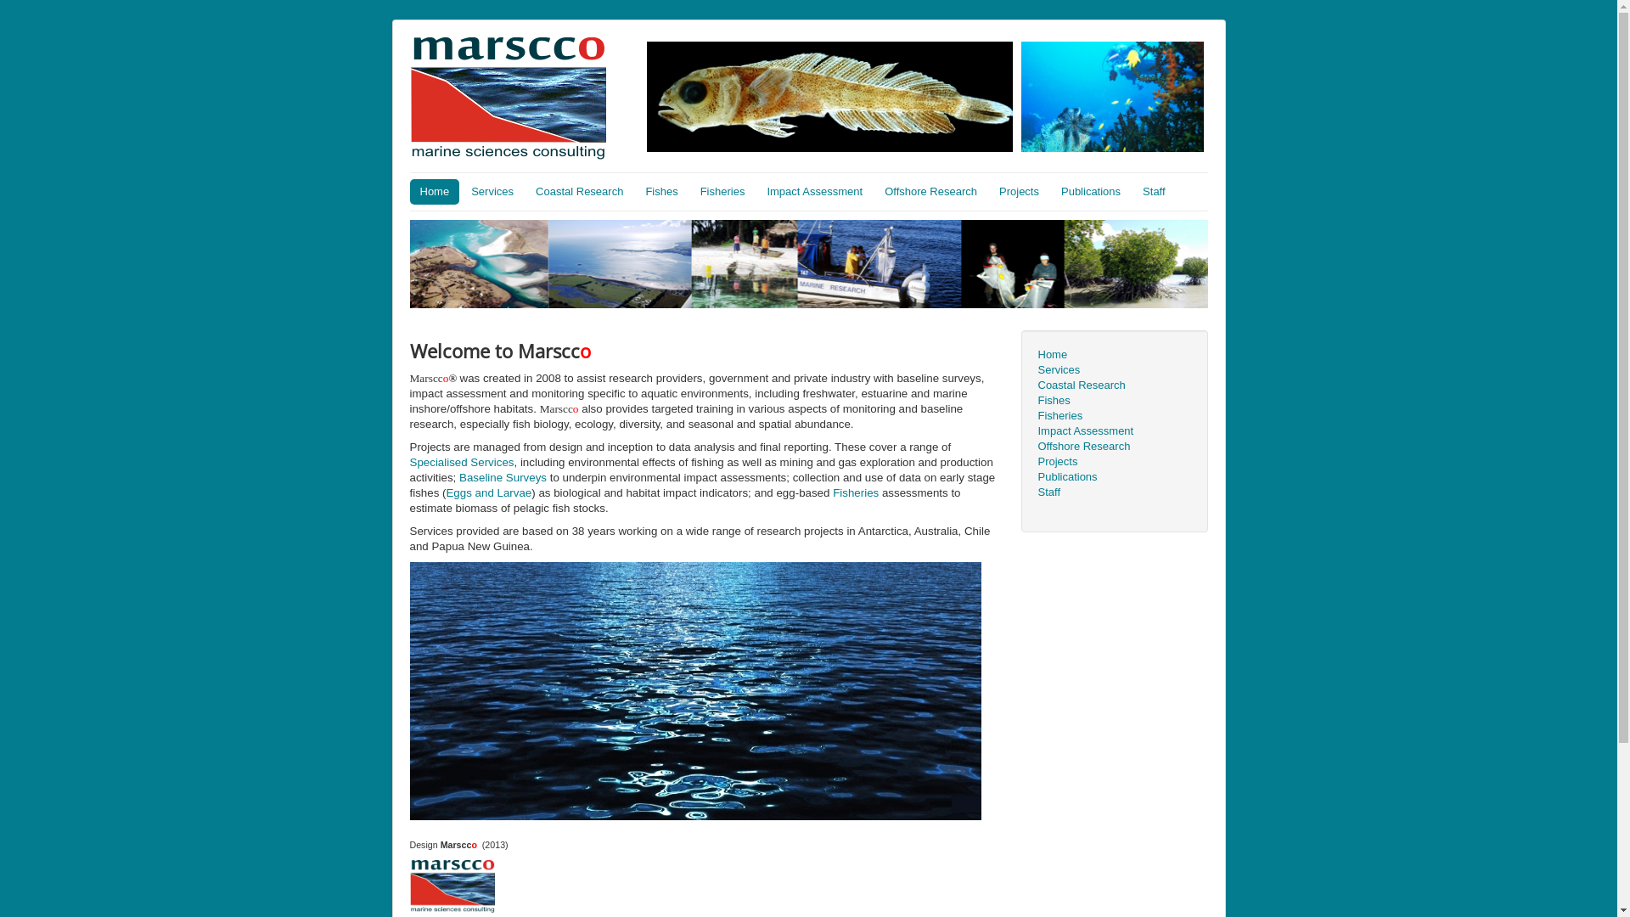 The height and width of the screenshot is (917, 1630). What do you see at coordinates (502, 477) in the screenshot?
I see `'Baseline Surveys'` at bounding box center [502, 477].